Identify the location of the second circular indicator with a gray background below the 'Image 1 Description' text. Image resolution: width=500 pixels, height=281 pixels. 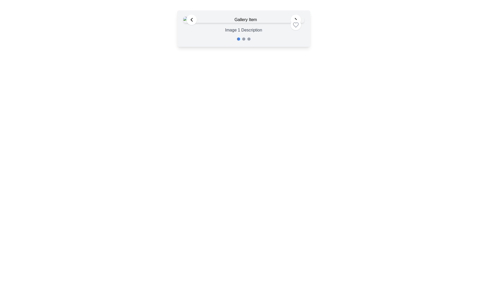
(243, 39).